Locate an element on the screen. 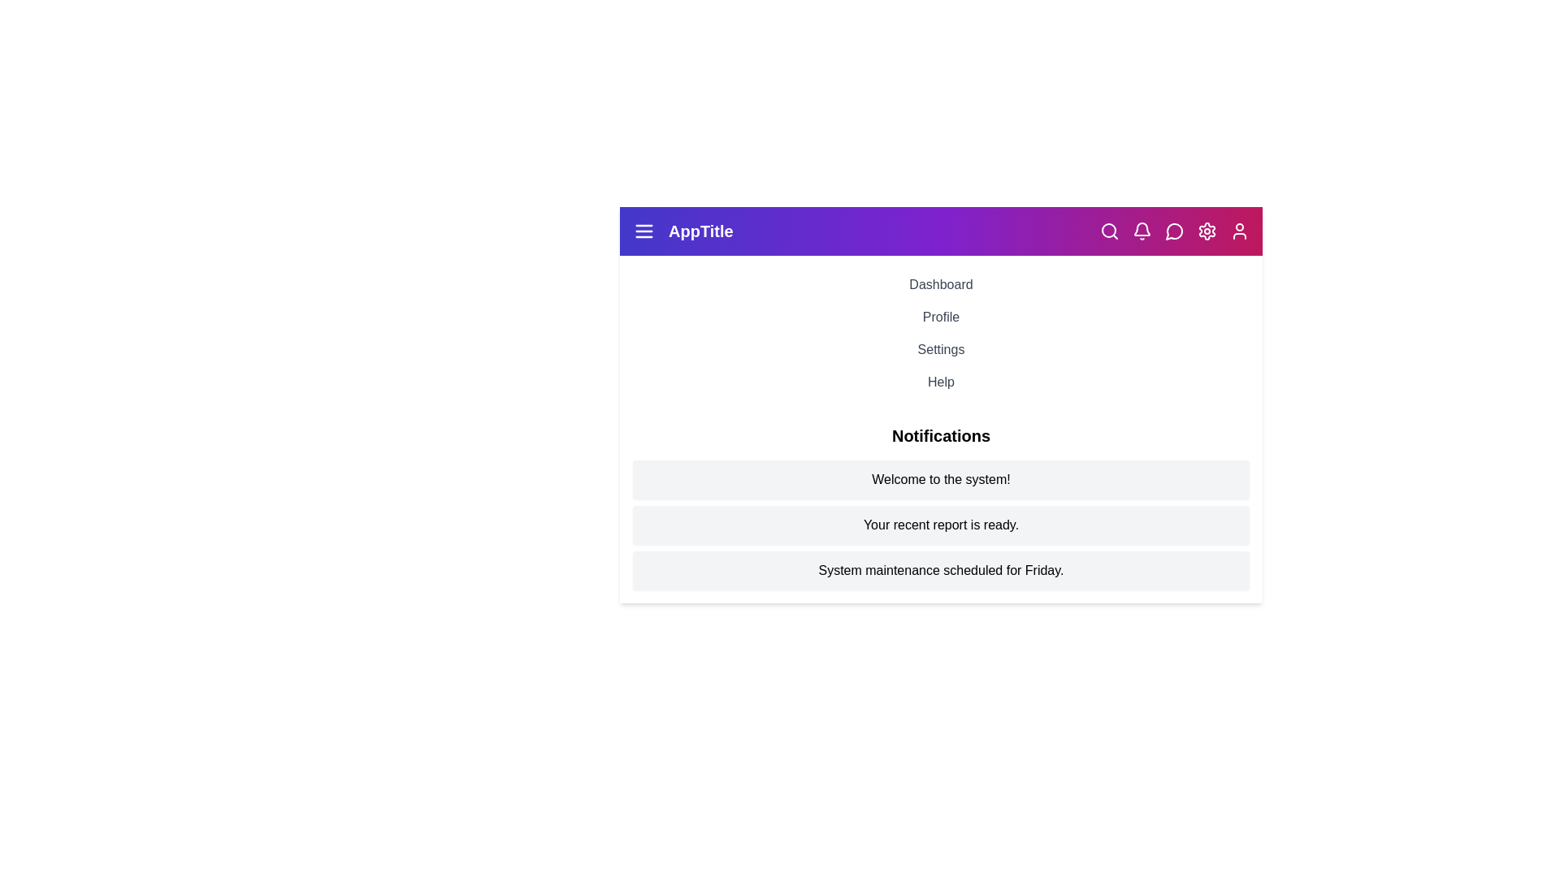 The width and height of the screenshot is (1560, 877). the menu icon to toggle the visibility of the menu is located at coordinates (643, 231).